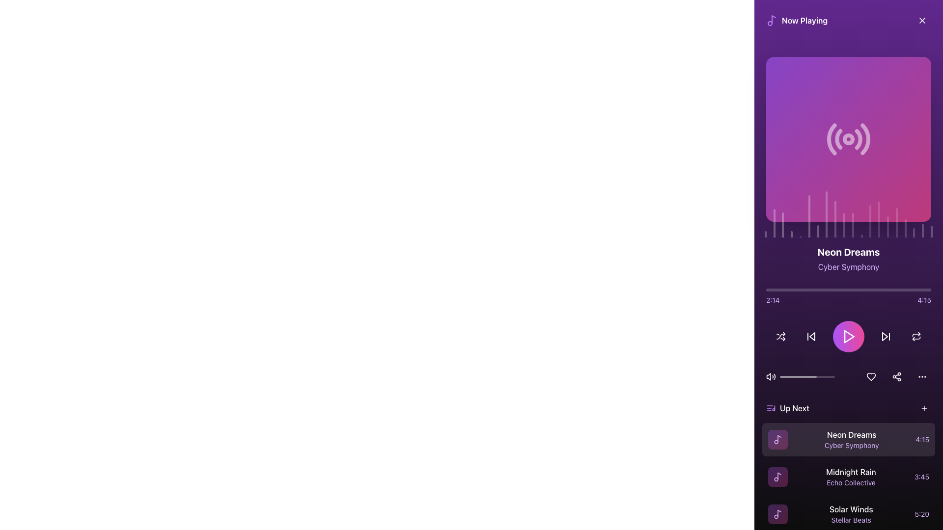 The image size is (943, 530). I want to click on the 6th vertical bar in the bar chart component that indicates media playback feedback, such as volume levels or waveform information, so click(809, 216).